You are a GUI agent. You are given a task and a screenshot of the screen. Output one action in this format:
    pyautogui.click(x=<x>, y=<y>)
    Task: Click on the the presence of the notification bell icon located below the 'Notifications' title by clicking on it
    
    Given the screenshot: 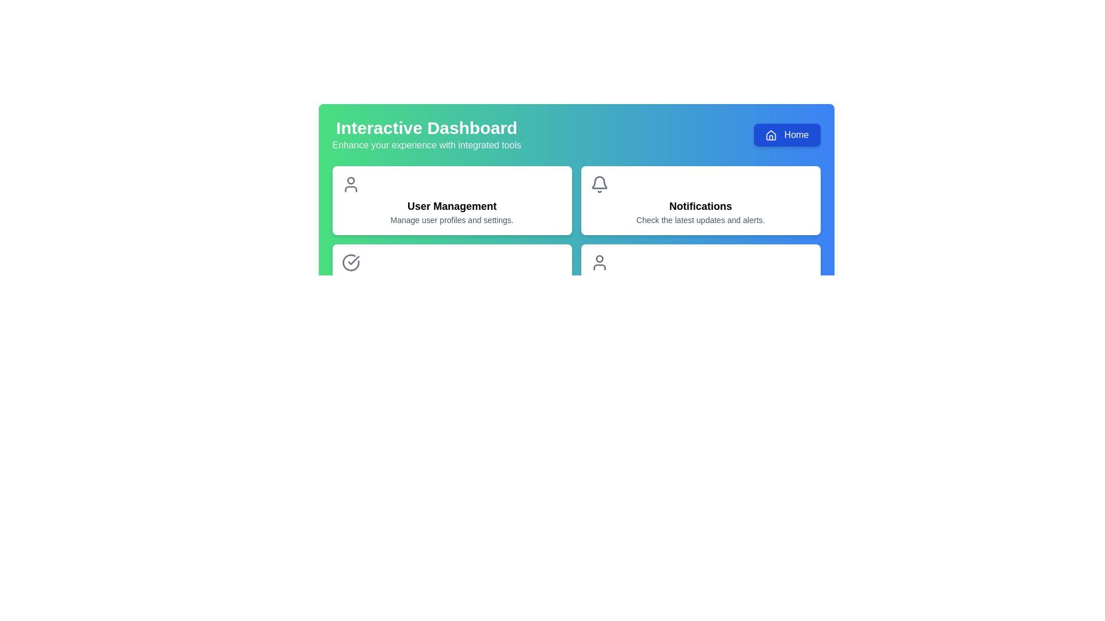 What is the action you would take?
    pyautogui.click(x=599, y=182)
    